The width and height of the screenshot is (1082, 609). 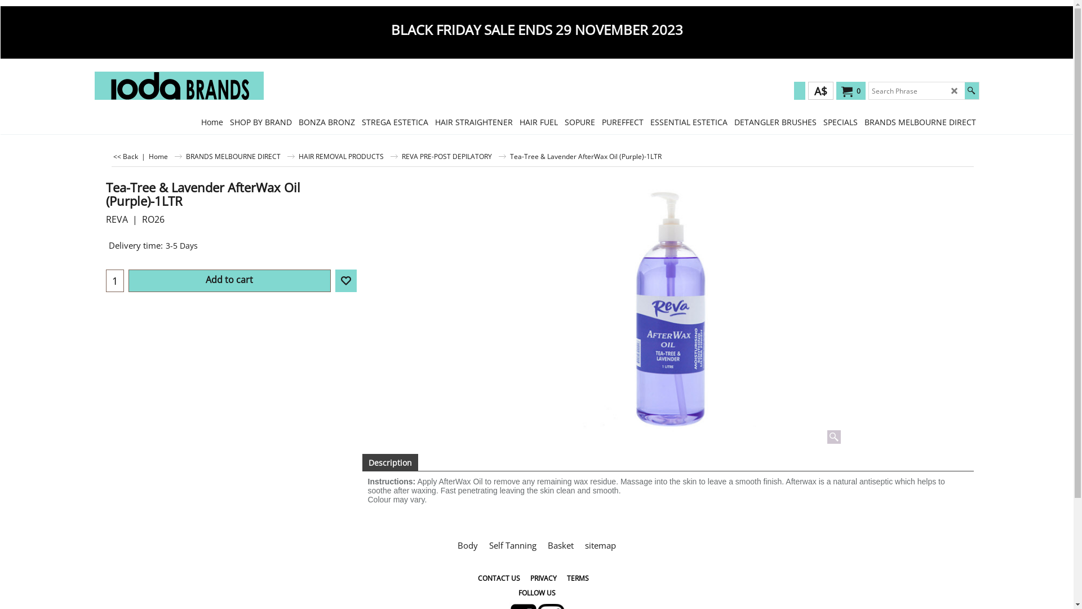 I want to click on 'HAIR STRAIGHTENER', so click(x=473, y=121).